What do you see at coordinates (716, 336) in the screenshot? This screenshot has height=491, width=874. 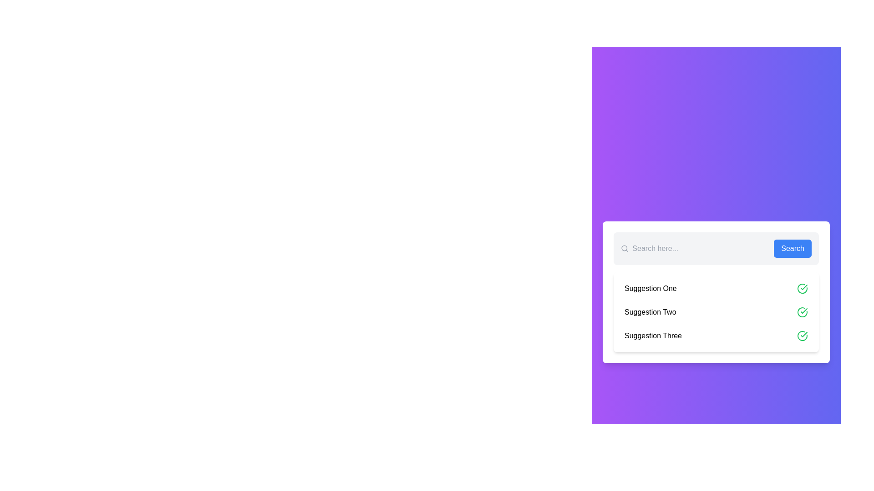 I see `the third list item with a checkmark, indicating it is a selectable suggestion to confirm the choice` at bounding box center [716, 336].